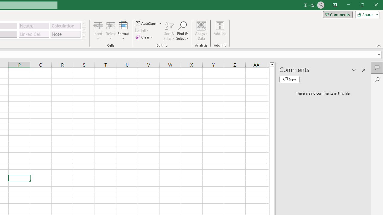 This screenshot has height=215, width=383. Describe the element at coordinates (65, 34) in the screenshot. I see `'Note'` at that location.